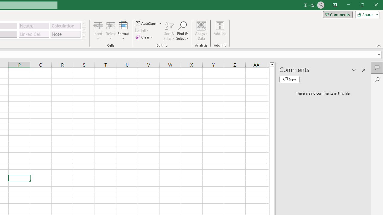 This screenshot has height=215, width=383. Describe the element at coordinates (65, 34) in the screenshot. I see `'Note'` at that location.